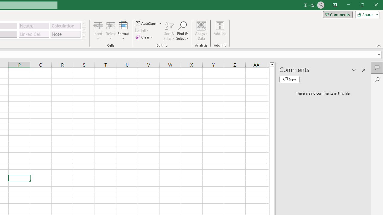 This screenshot has height=215, width=383. Describe the element at coordinates (65, 34) in the screenshot. I see `'Note'` at that location.